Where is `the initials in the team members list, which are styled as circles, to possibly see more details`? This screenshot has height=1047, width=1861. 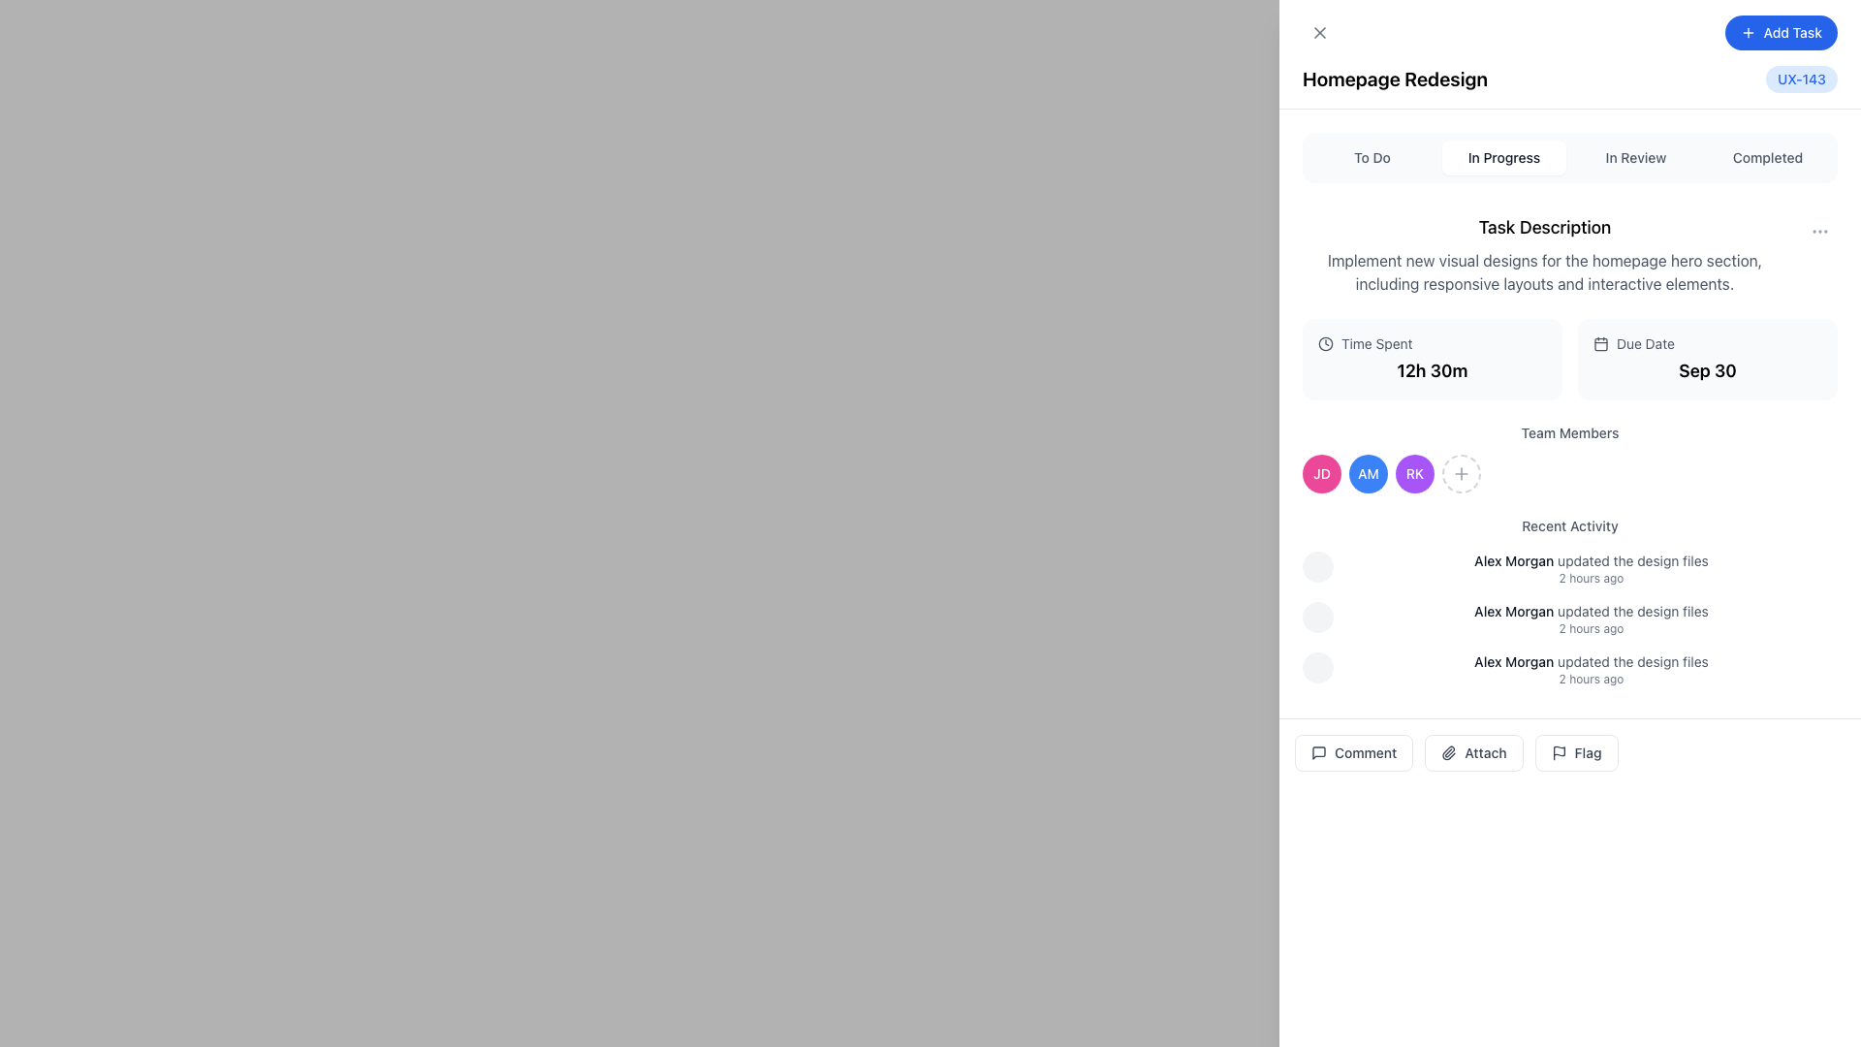
the initials in the team members list, which are styled as circles, to possibly see more details is located at coordinates (1570, 474).